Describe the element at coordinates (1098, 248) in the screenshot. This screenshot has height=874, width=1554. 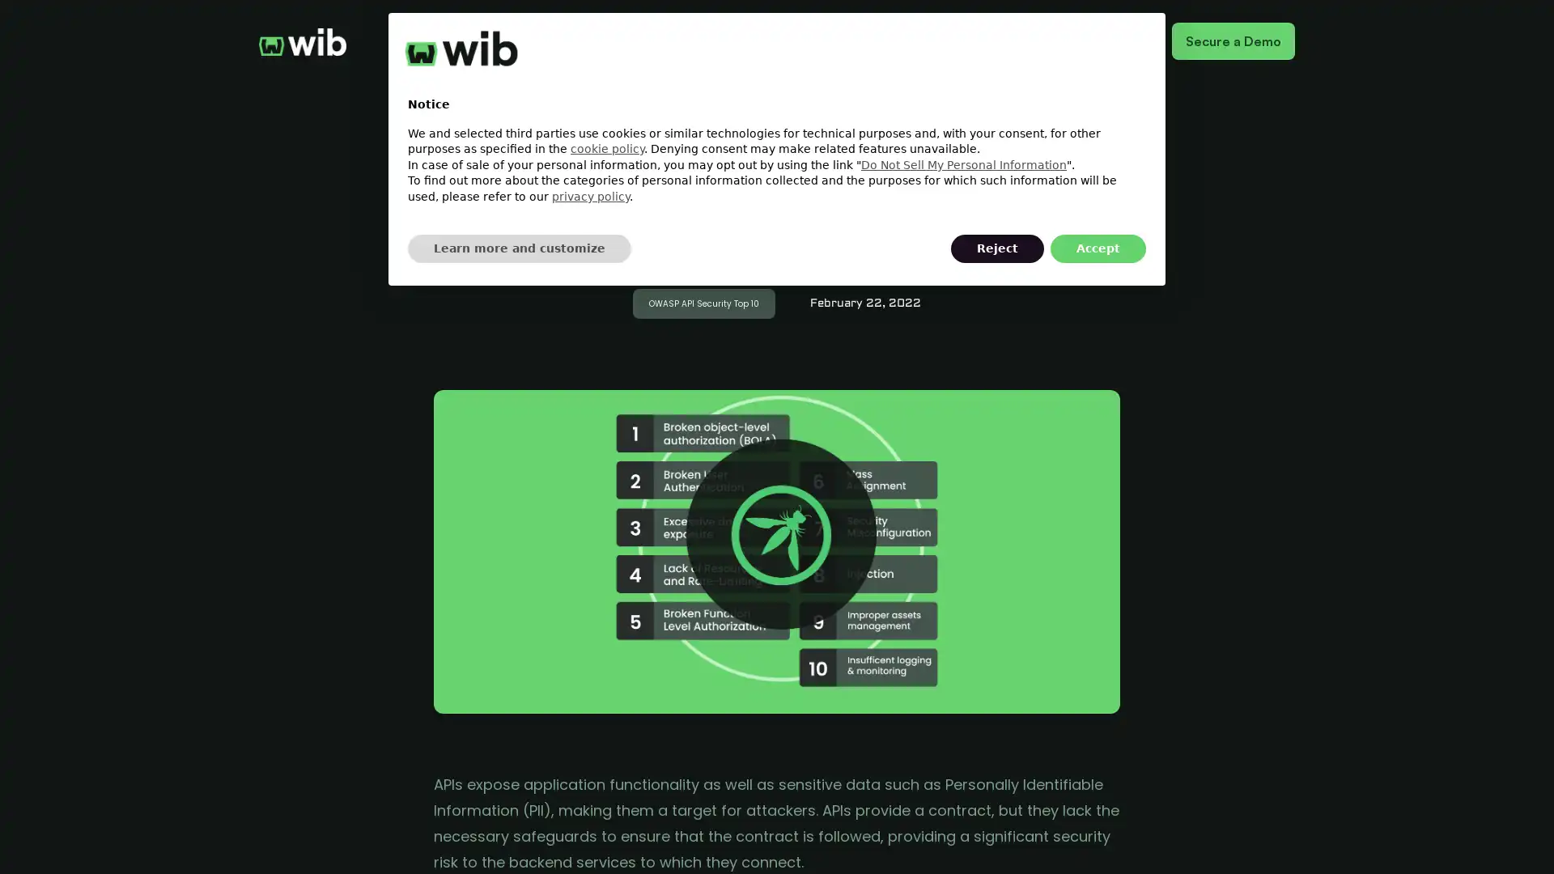
I see `Accept` at that location.